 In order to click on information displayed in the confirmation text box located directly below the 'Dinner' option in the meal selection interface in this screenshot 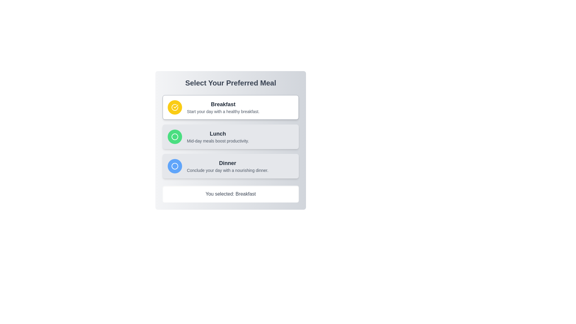, I will do `click(230, 194)`.